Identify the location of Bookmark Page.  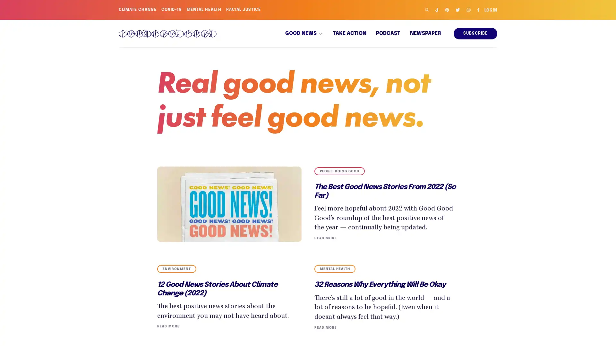
(603, 311).